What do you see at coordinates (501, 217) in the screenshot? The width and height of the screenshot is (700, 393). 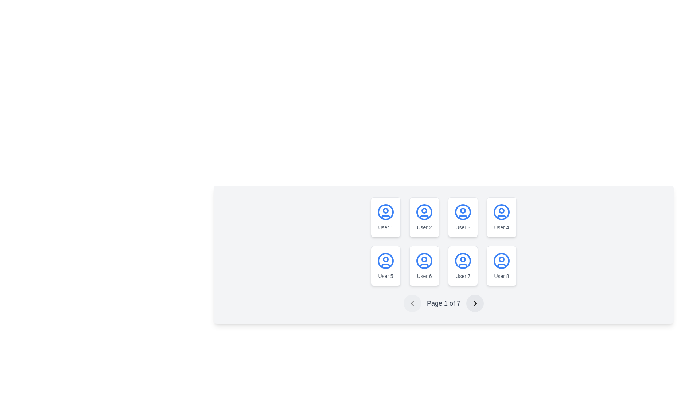 I see `the fourth user card with a white background, rounded corners, and a user avatar icon at the top` at bounding box center [501, 217].